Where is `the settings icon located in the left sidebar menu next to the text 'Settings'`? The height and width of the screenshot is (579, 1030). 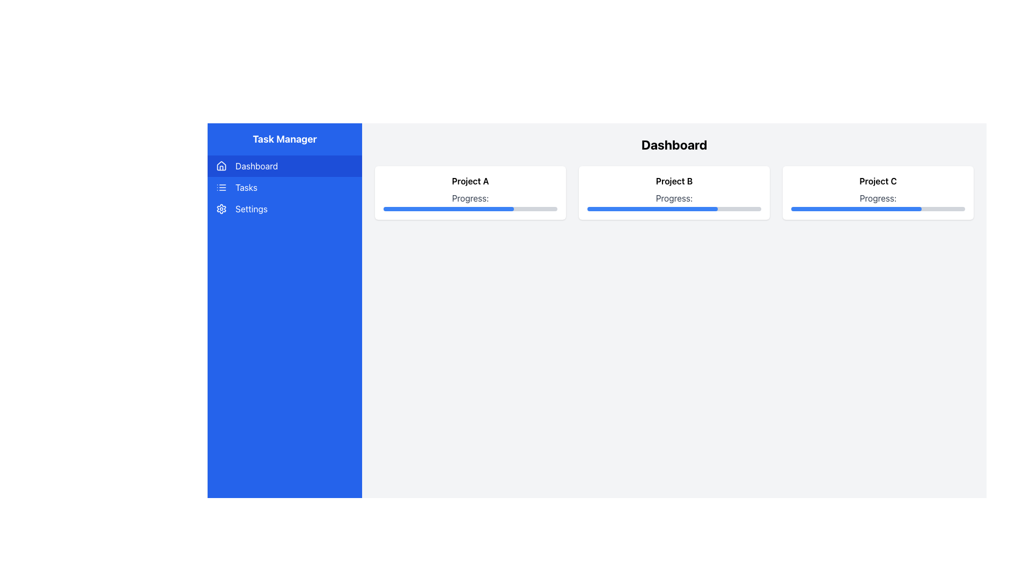
the settings icon located in the left sidebar menu next to the text 'Settings' is located at coordinates (220, 209).